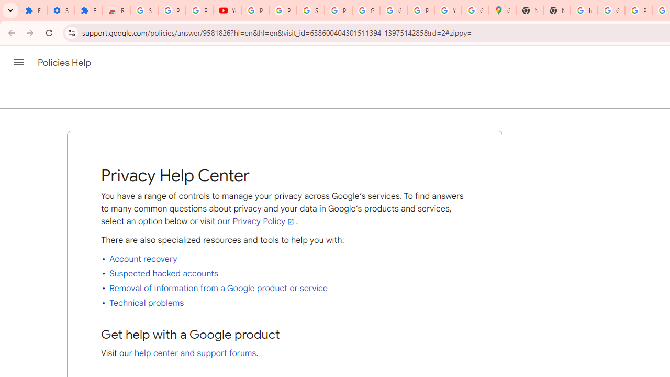 The height and width of the screenshot is (377, 670). What do you see at coordinates (310, 10) in the screenshot?
I see `'Sign in - Google Accounts'` at bounding box center [310, 10].